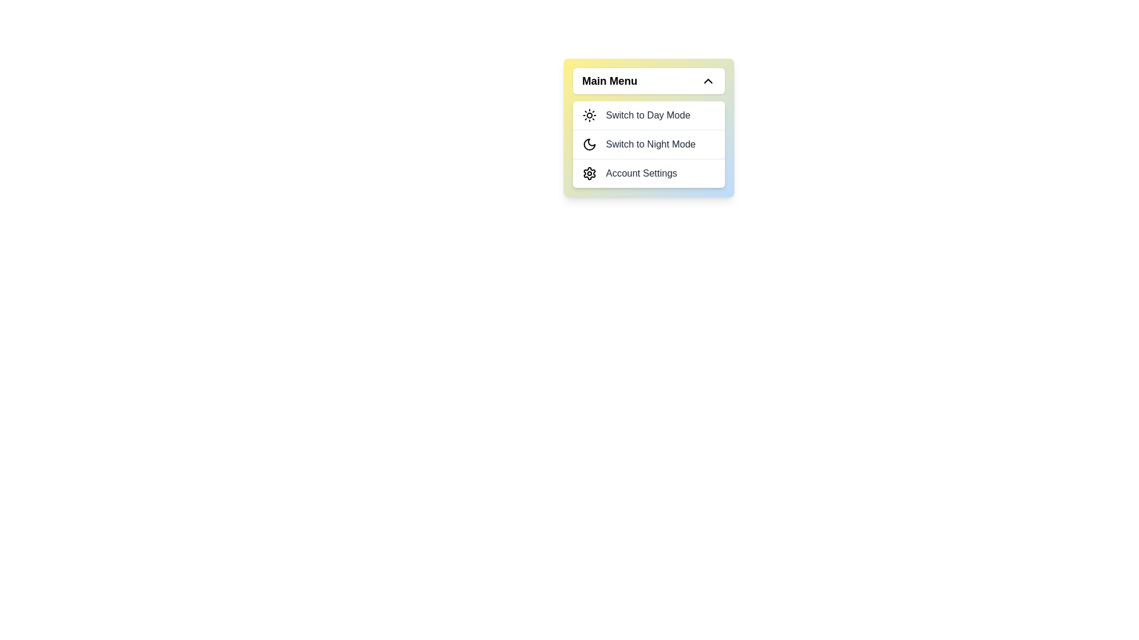 The image size is (1139, 640). I want to click on the 'Switch to Night Mode' option in the menu, so click(648, 143).